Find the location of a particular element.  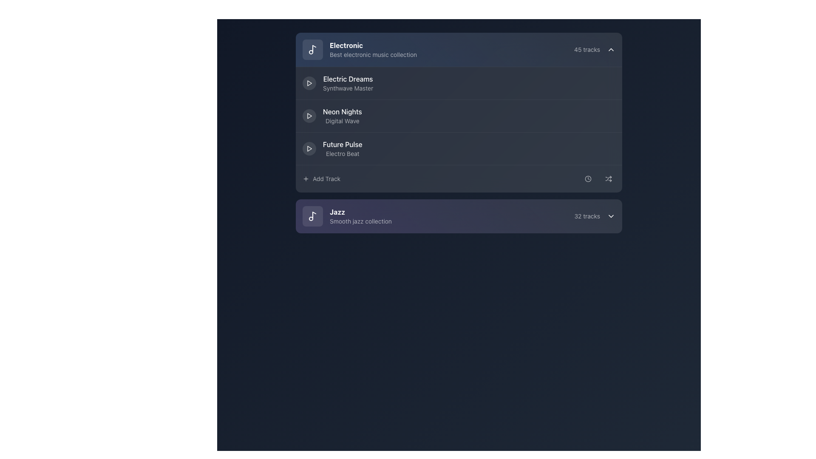

the chevron icon located at the far right of the '32 tracks' label in the bottom card under the 'Jazz' heading is located at coordinates (611, 216).